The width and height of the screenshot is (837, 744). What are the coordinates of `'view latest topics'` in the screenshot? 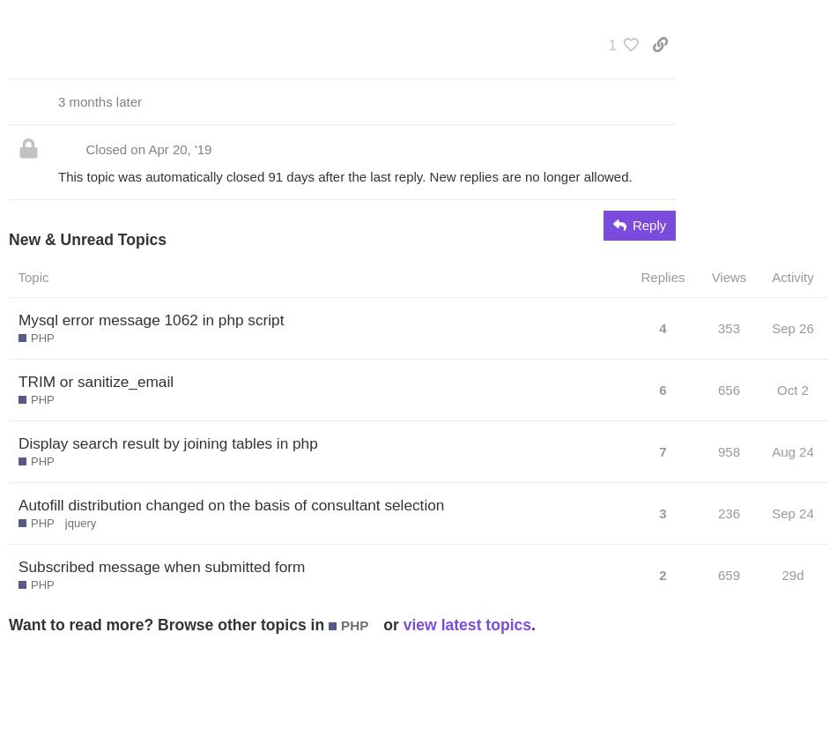 It's located at (402, 623).